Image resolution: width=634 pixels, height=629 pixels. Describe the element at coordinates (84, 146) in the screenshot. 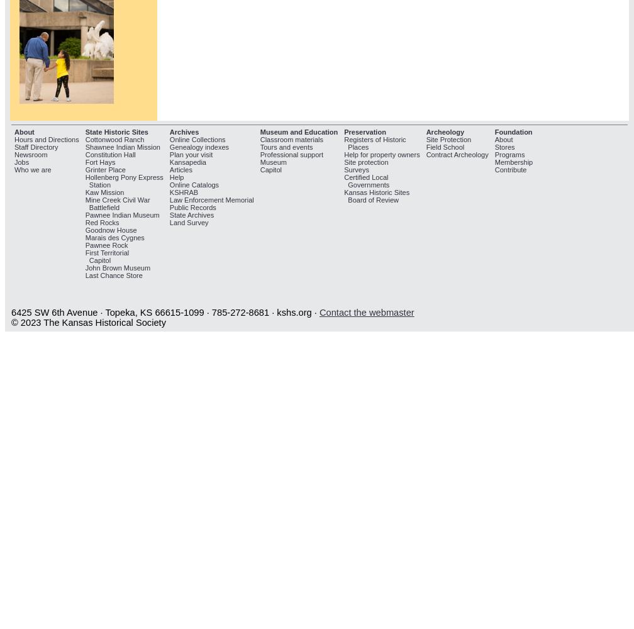

I see `'Shawnee Indian Mission'` at that location.